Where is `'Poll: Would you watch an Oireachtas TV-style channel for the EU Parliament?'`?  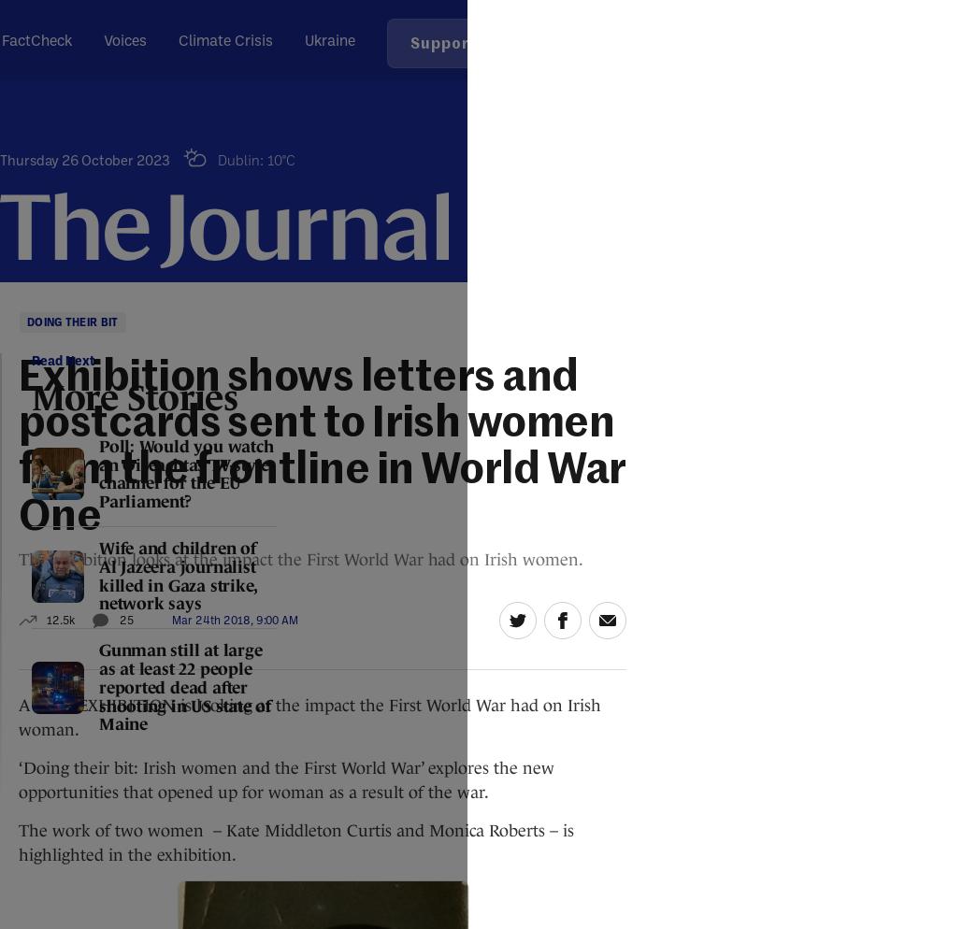 'Poll: Would you watch an Oireachtas TV-style channel for the EU Parliament?' is located at coordinates (185, 473).